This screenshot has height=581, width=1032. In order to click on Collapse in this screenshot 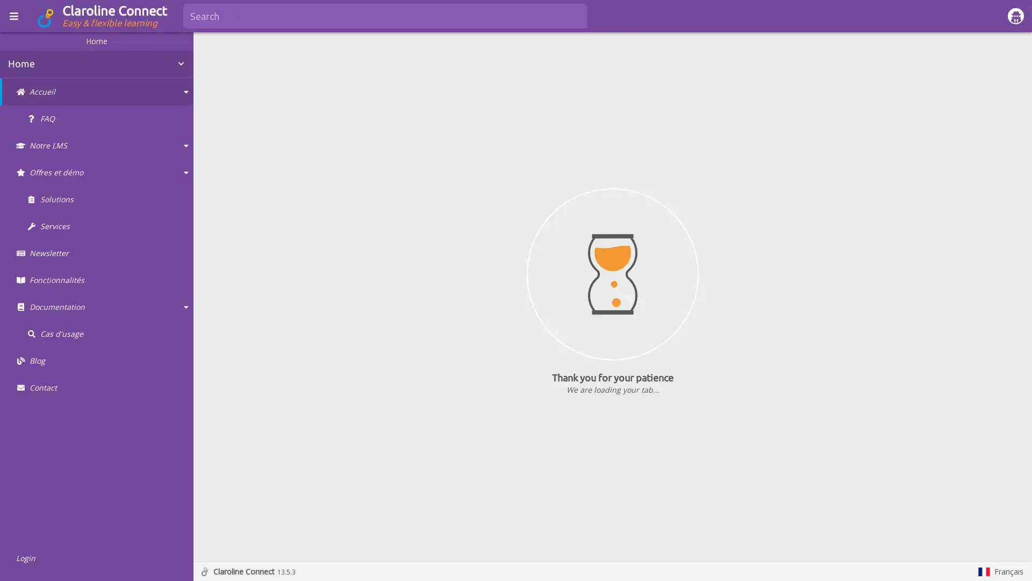, I will do `click(185, 90)`.